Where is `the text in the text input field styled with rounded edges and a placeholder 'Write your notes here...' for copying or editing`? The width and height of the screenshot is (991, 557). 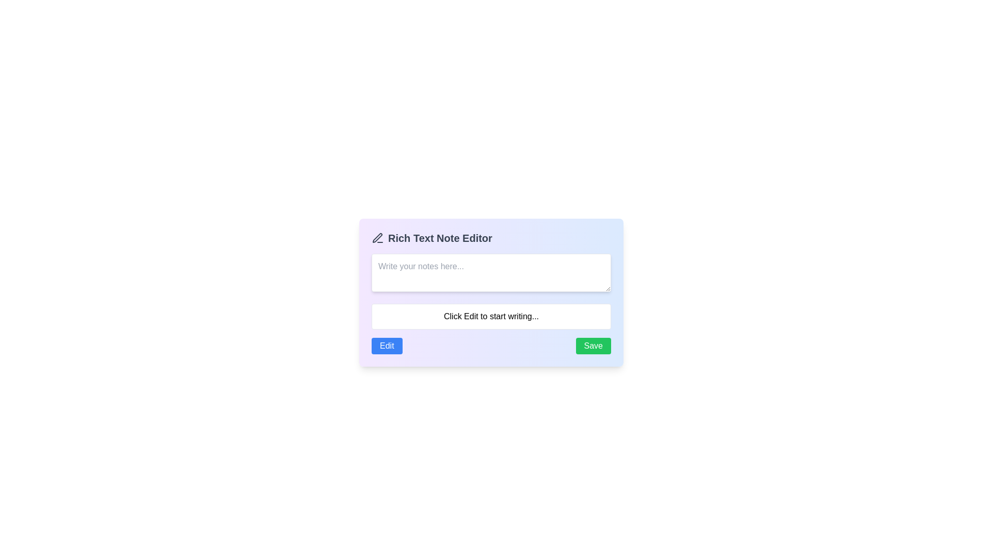
the text in the text input field styled with rounded edges and a placeholder 'Write your notes here...' for copying or editing is located at coordinates (490, 272).